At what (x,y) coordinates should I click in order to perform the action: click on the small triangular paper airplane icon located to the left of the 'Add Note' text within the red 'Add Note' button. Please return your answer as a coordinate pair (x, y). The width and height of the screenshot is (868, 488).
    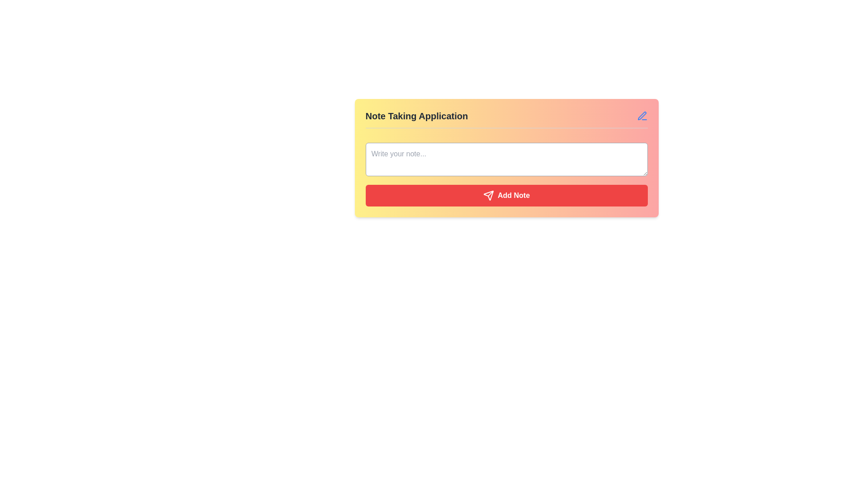
    Looking at the image, I should click on (488, 195).